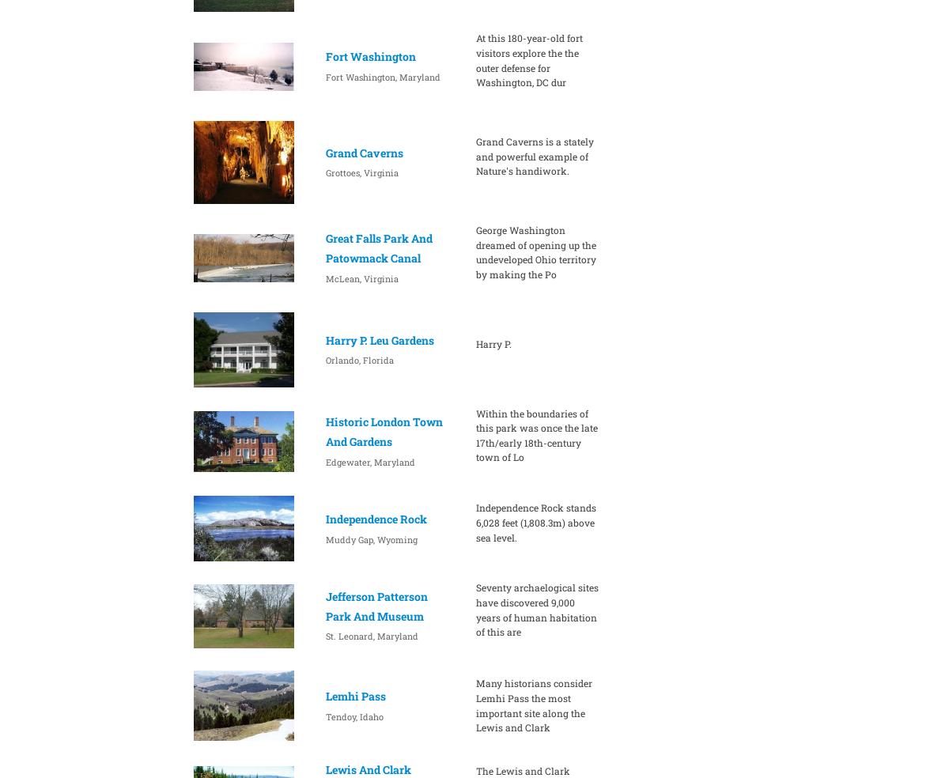 The height and width of the screenshot is (778, 949). Describe the element at coordinates (369, 538) in the screenshot. I see `'Muddy Gap, Wyoming'` at that location.